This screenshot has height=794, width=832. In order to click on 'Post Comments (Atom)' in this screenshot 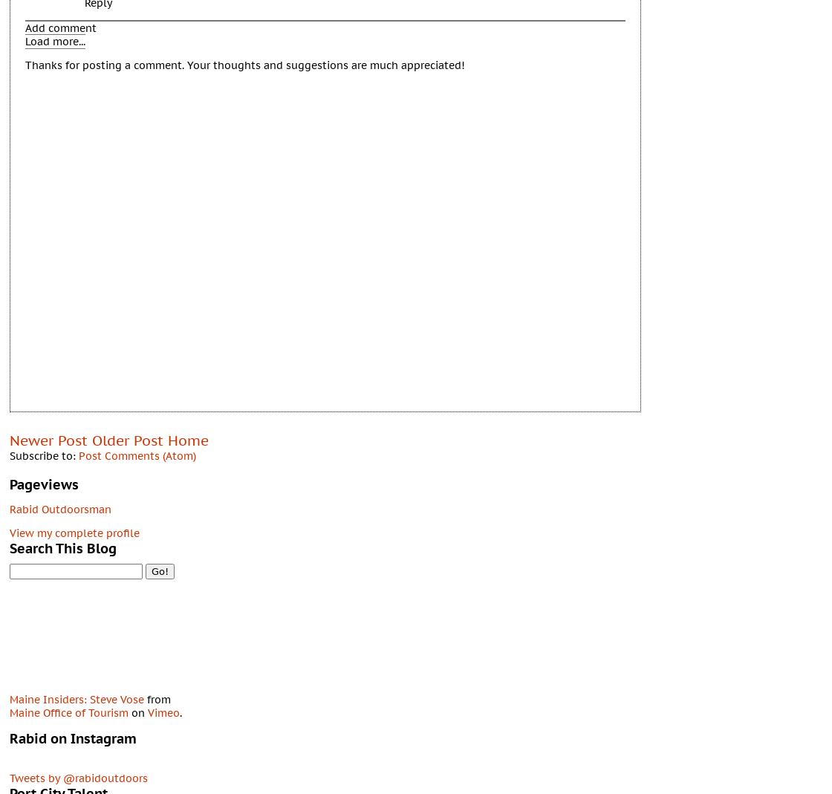, I will do `click(137, 455)`.